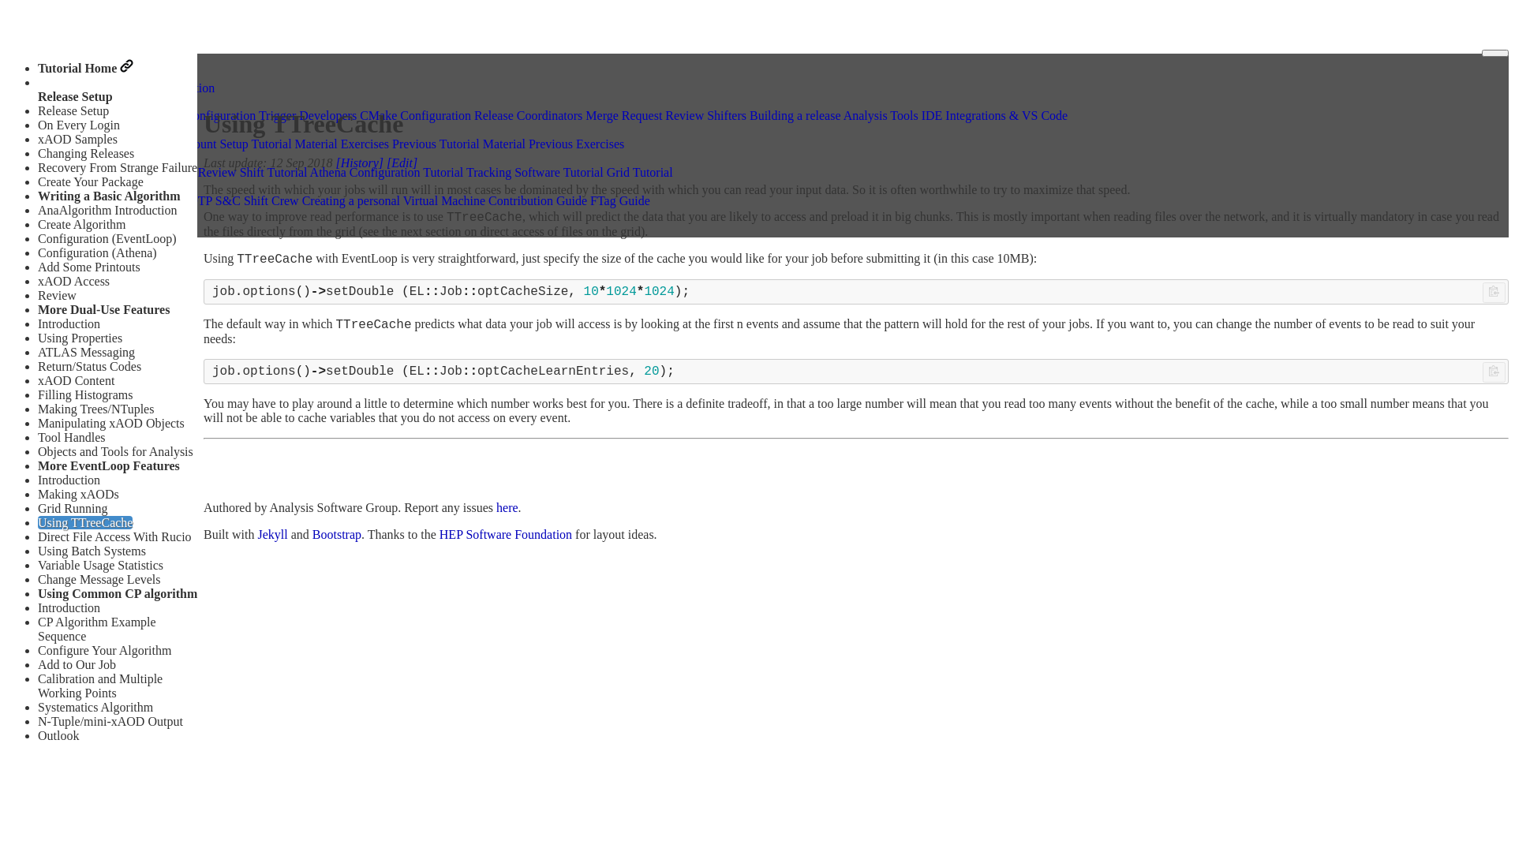  I want to click on 'Create Algorithm', so click(81, 224).